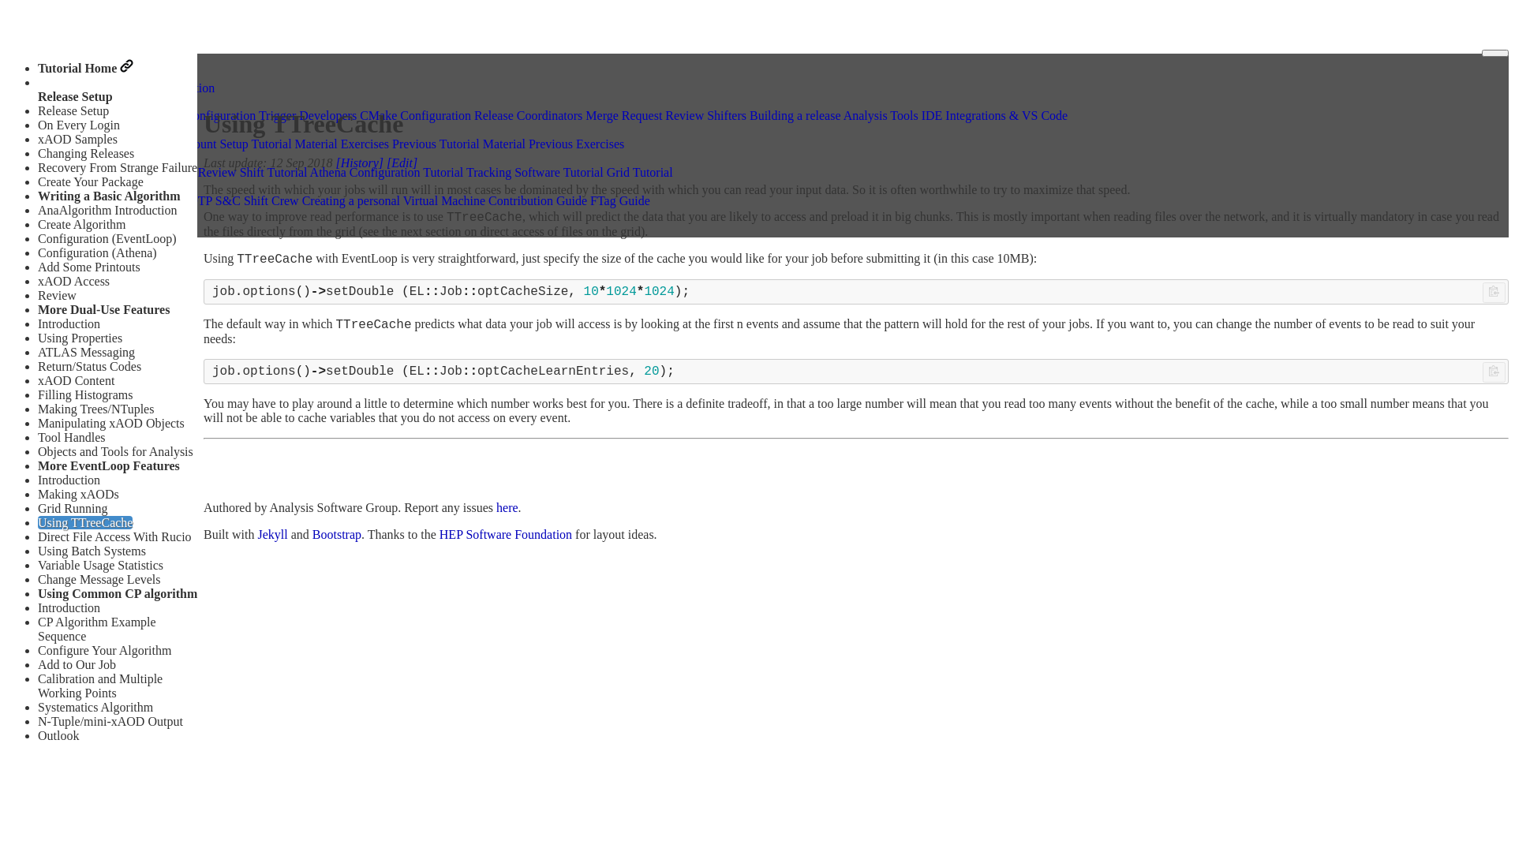  I want to click on 'Create Algorithm', so click(81, 224).